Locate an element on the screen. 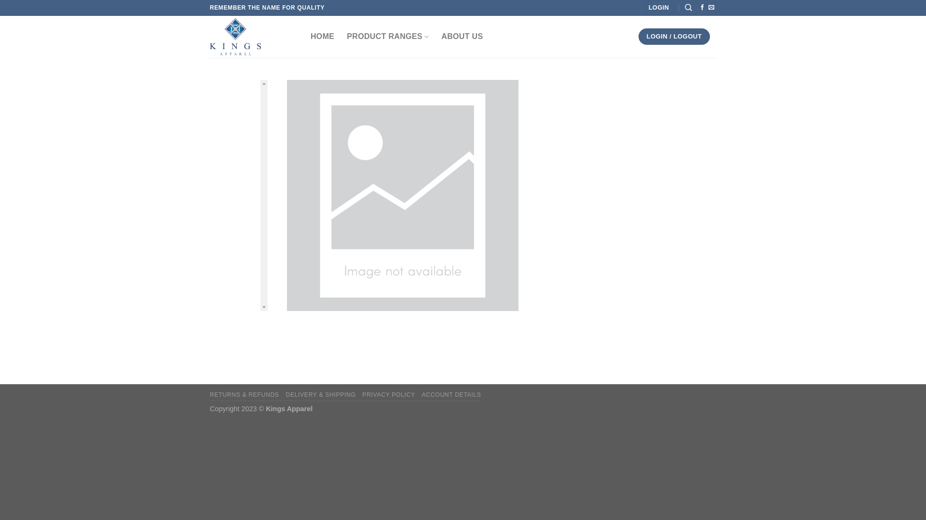 The height and width of the screenshot is (520, 926). 'PRODUCT RANGES' is located at coordinates (347, 36).